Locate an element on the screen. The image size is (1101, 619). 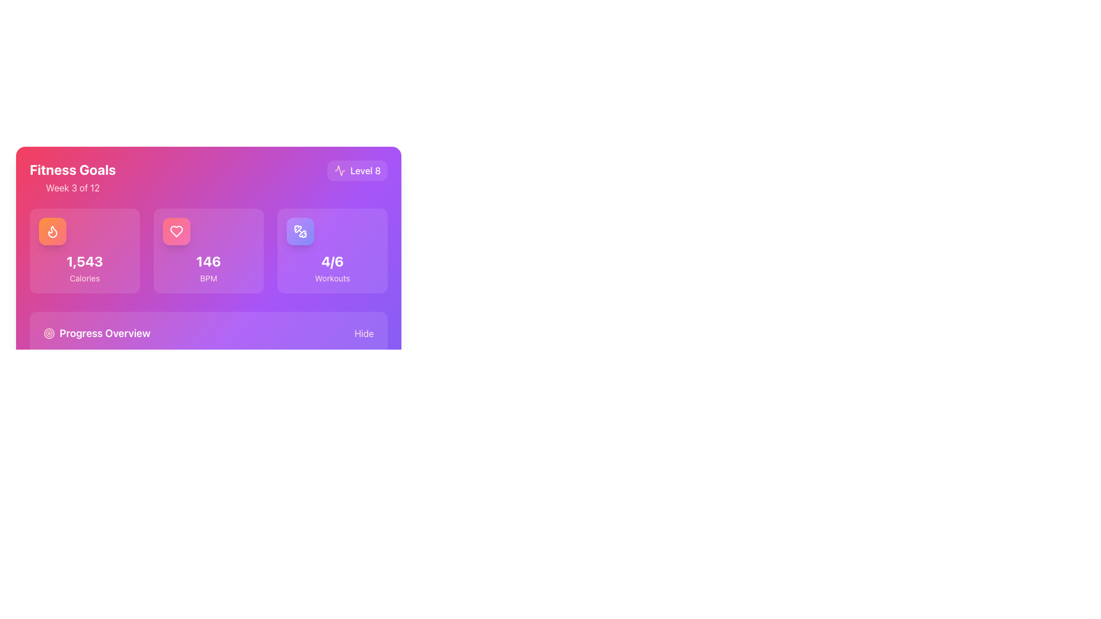
the stylized dumbbell icon representing the 'Workouts' statistic in the top-right section of the fitness tracking interface is located at coordinates (300, 232).